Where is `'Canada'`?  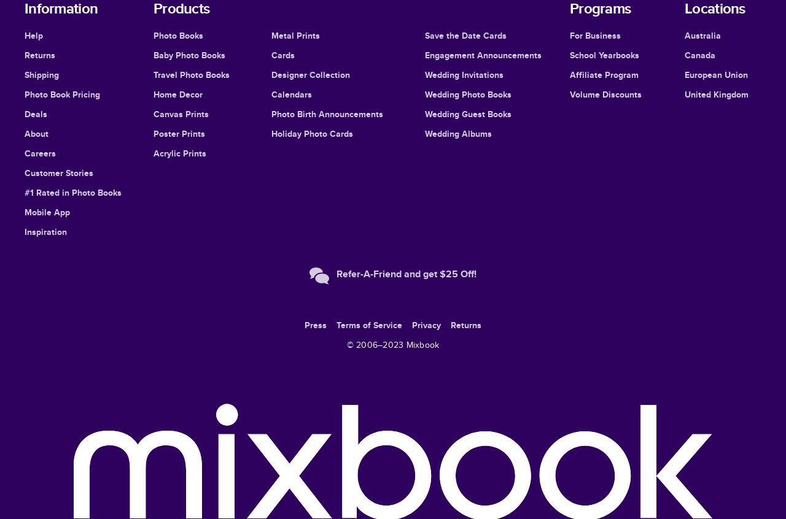 'Canada' is located at coordinates (699, 55).